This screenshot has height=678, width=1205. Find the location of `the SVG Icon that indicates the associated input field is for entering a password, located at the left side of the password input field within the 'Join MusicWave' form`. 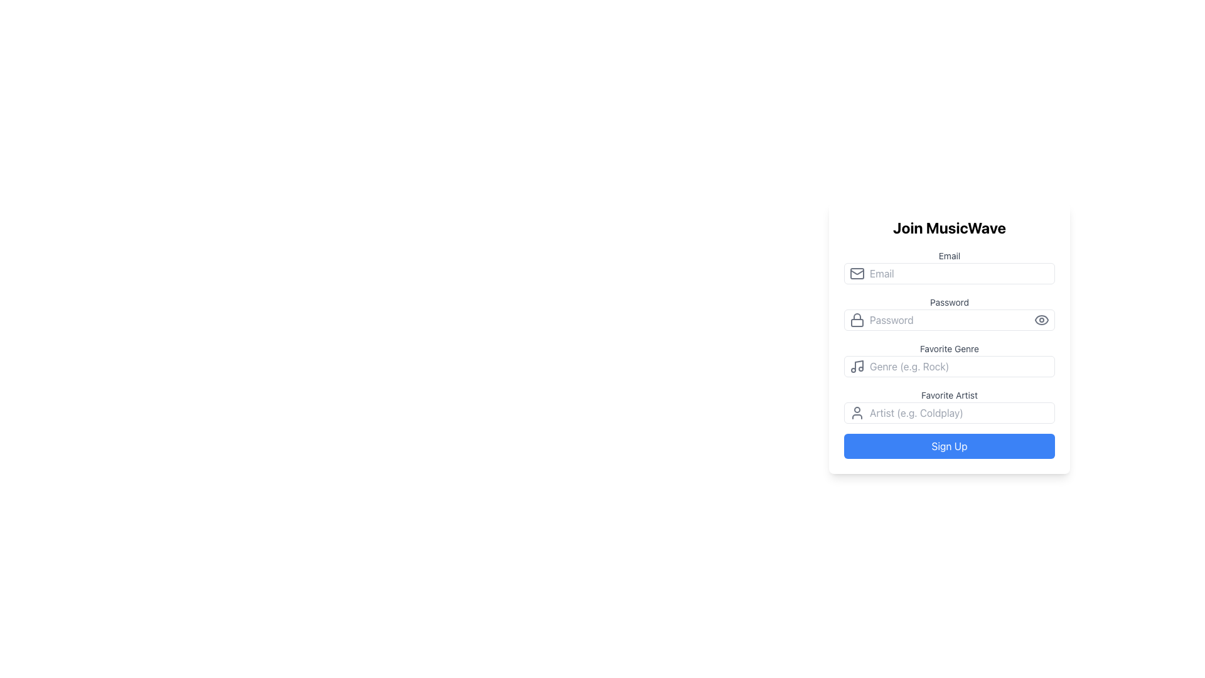

the SVG Icon that indicates the associated input field is for entering a password, located at the left side of the password input field within the 'Join MusicWave' form is located at coordinates (857, 319).